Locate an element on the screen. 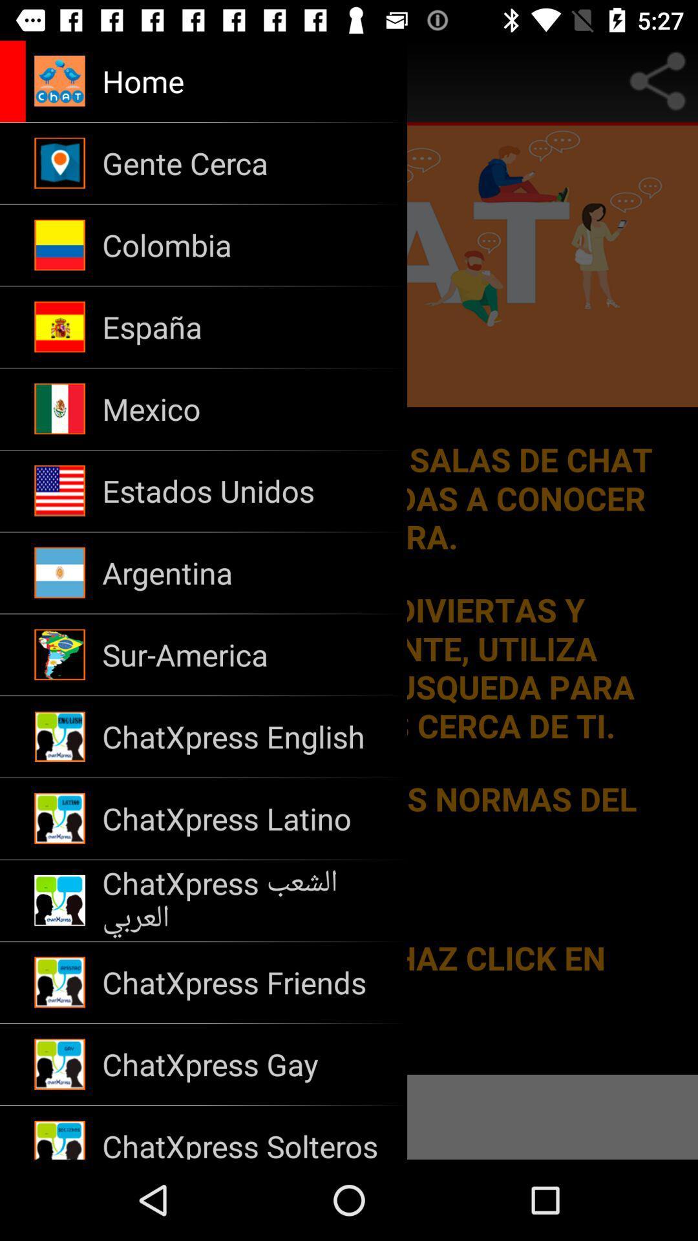 This screenshot has width=698, height=1241. colombia app is located at coordinates (246, 245).